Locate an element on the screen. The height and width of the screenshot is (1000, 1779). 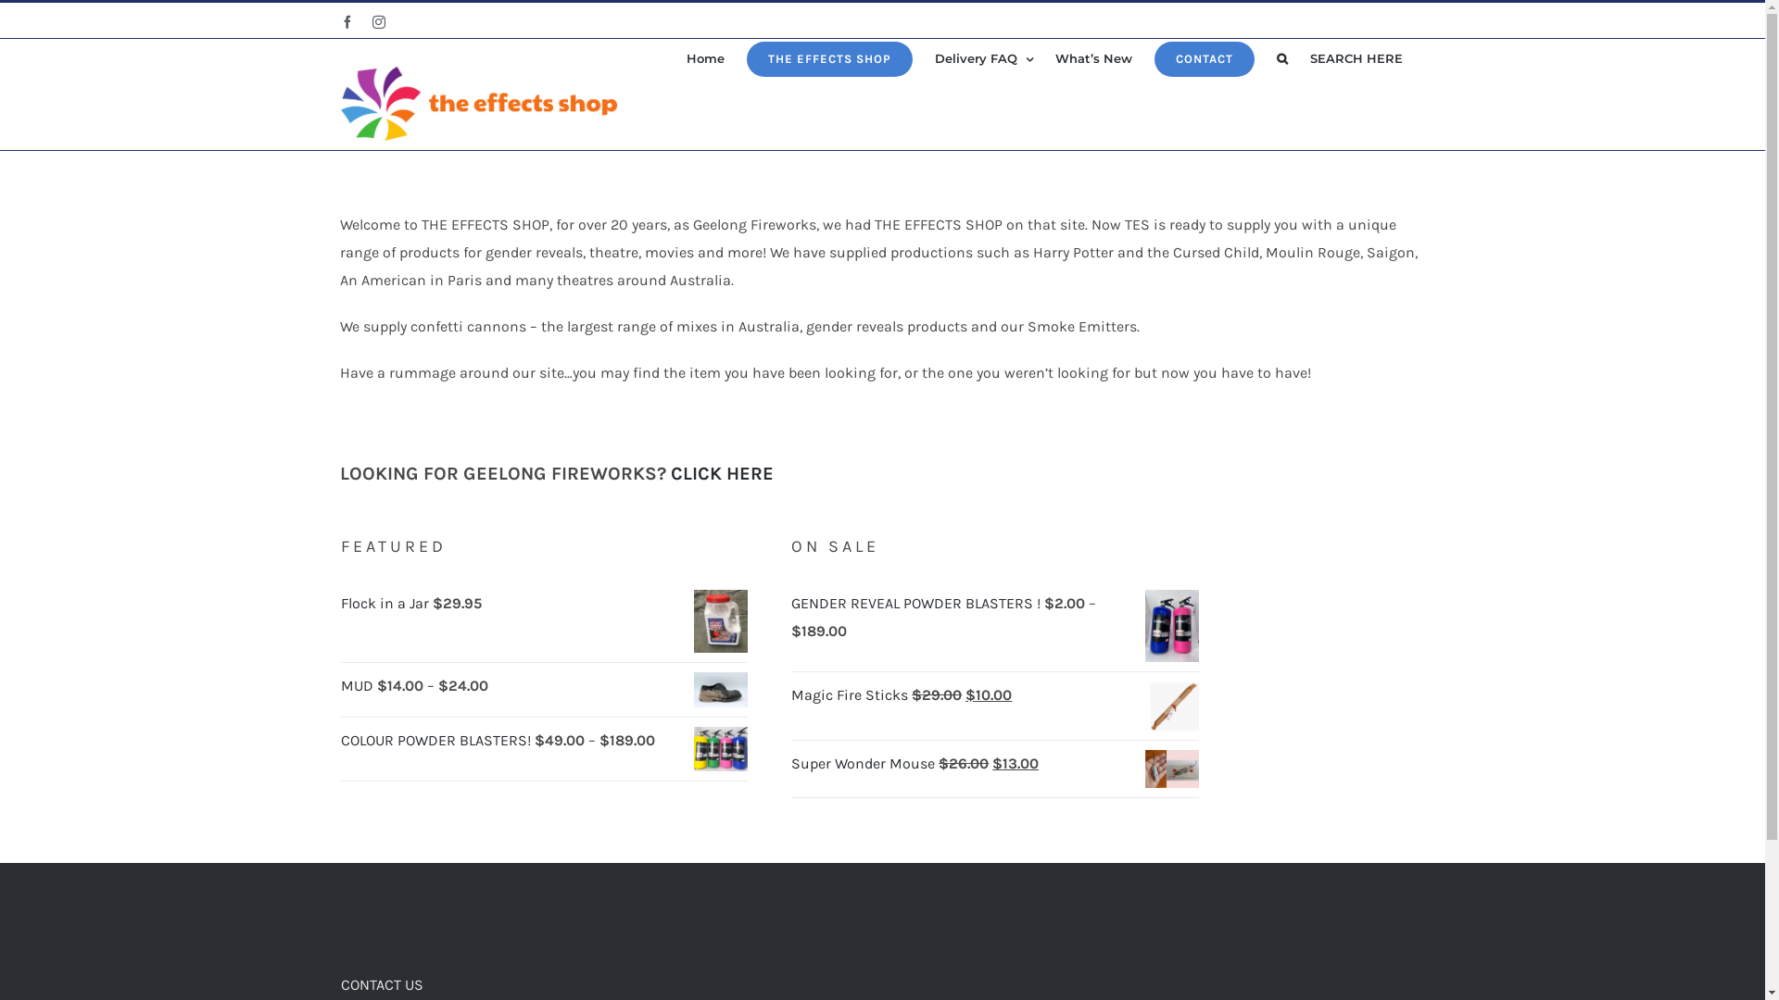
'SEARCH HERE' is located at coordinates (1309, 57).